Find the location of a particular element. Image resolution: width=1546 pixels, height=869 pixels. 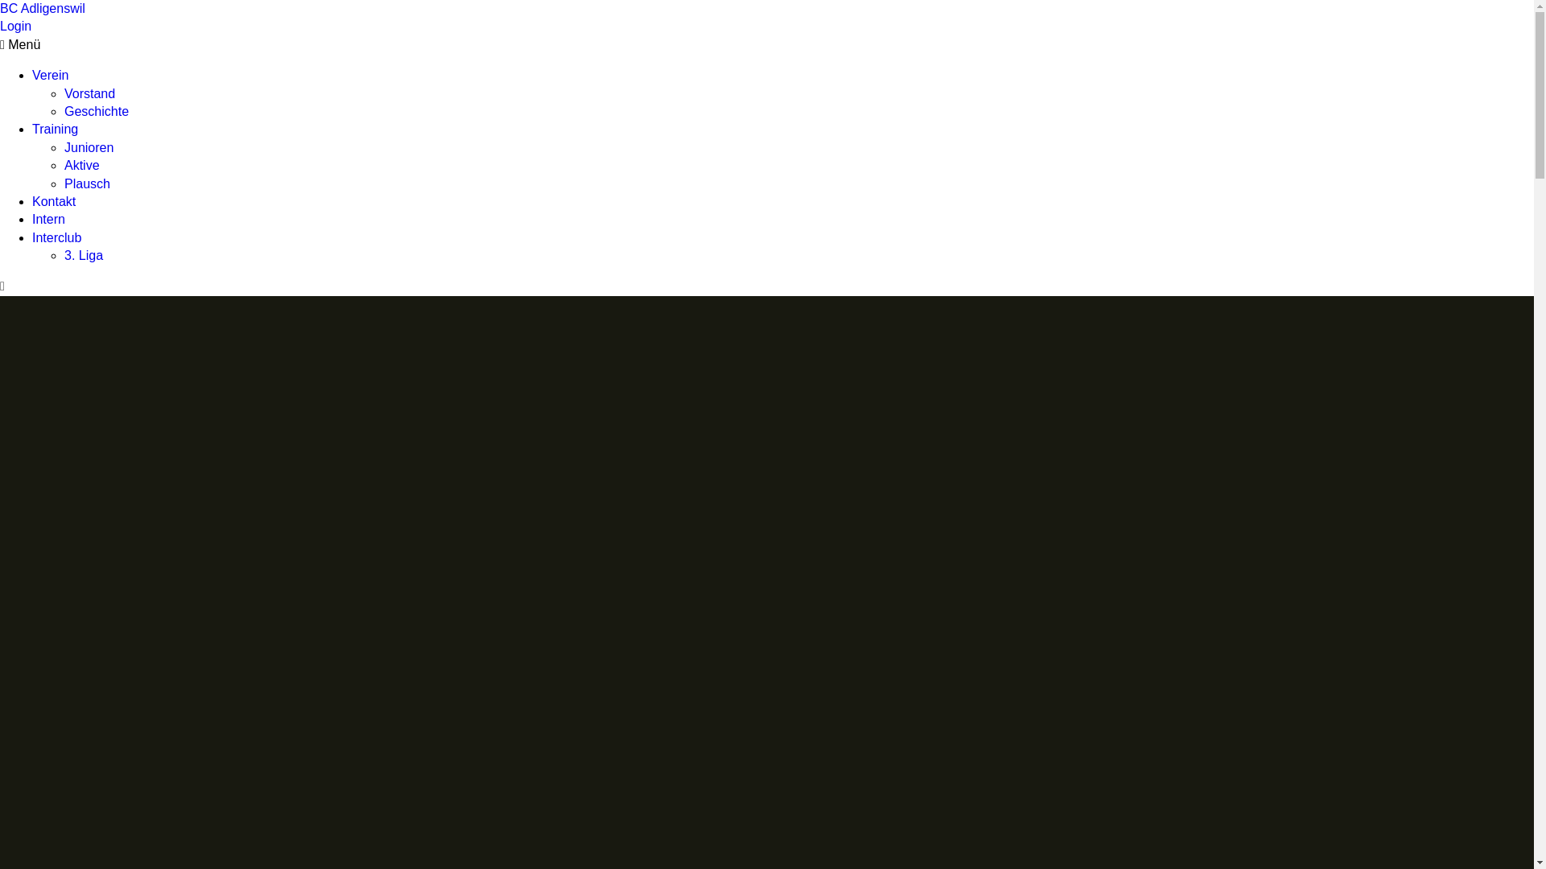

'BC Adligenswil' is located at coordinates (0, 8).